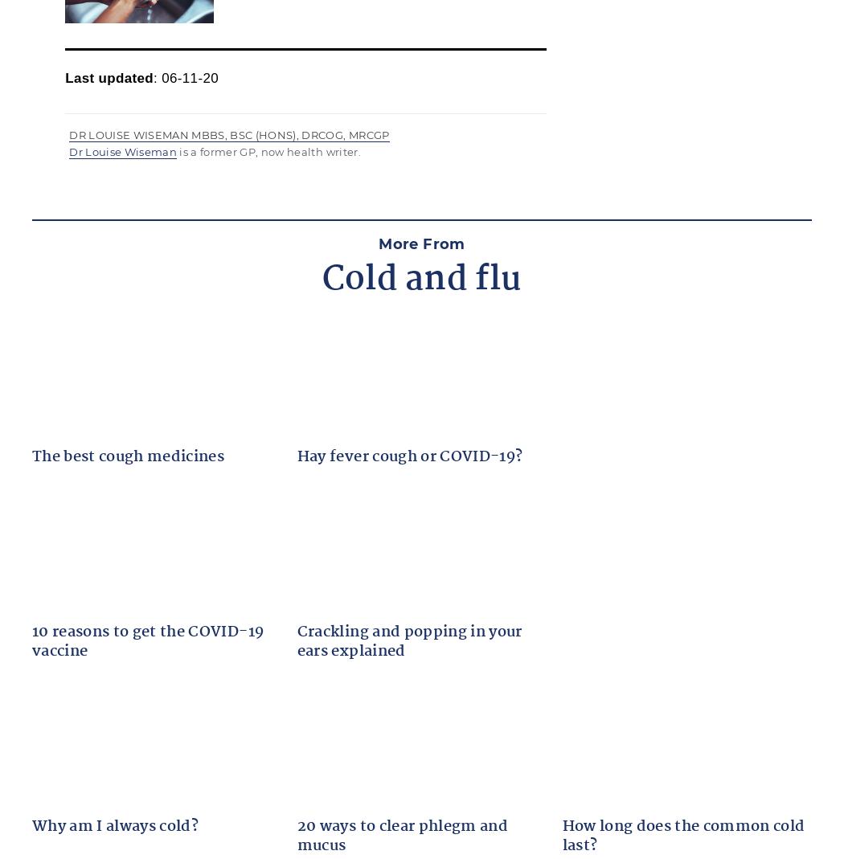 The height and width of the screenshot is (859, 844). I want to click on 'Why am I always cold?', so click(114, 827).